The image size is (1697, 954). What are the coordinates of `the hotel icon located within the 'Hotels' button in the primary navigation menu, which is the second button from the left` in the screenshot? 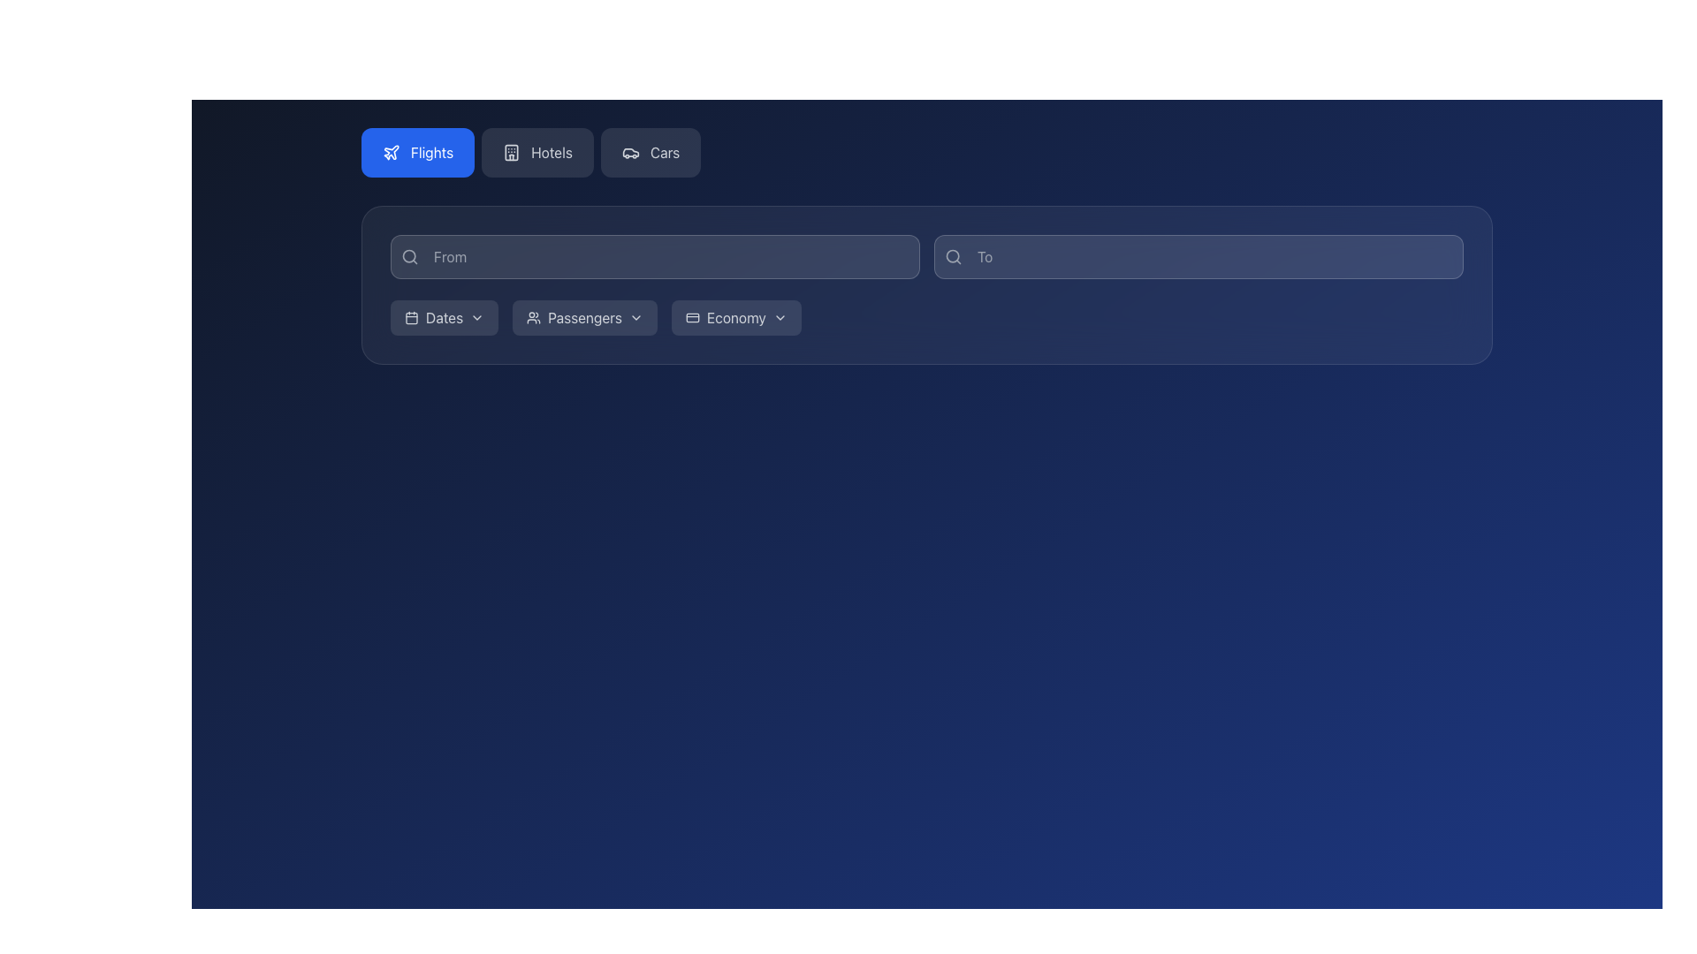 It's located at (511, 152).